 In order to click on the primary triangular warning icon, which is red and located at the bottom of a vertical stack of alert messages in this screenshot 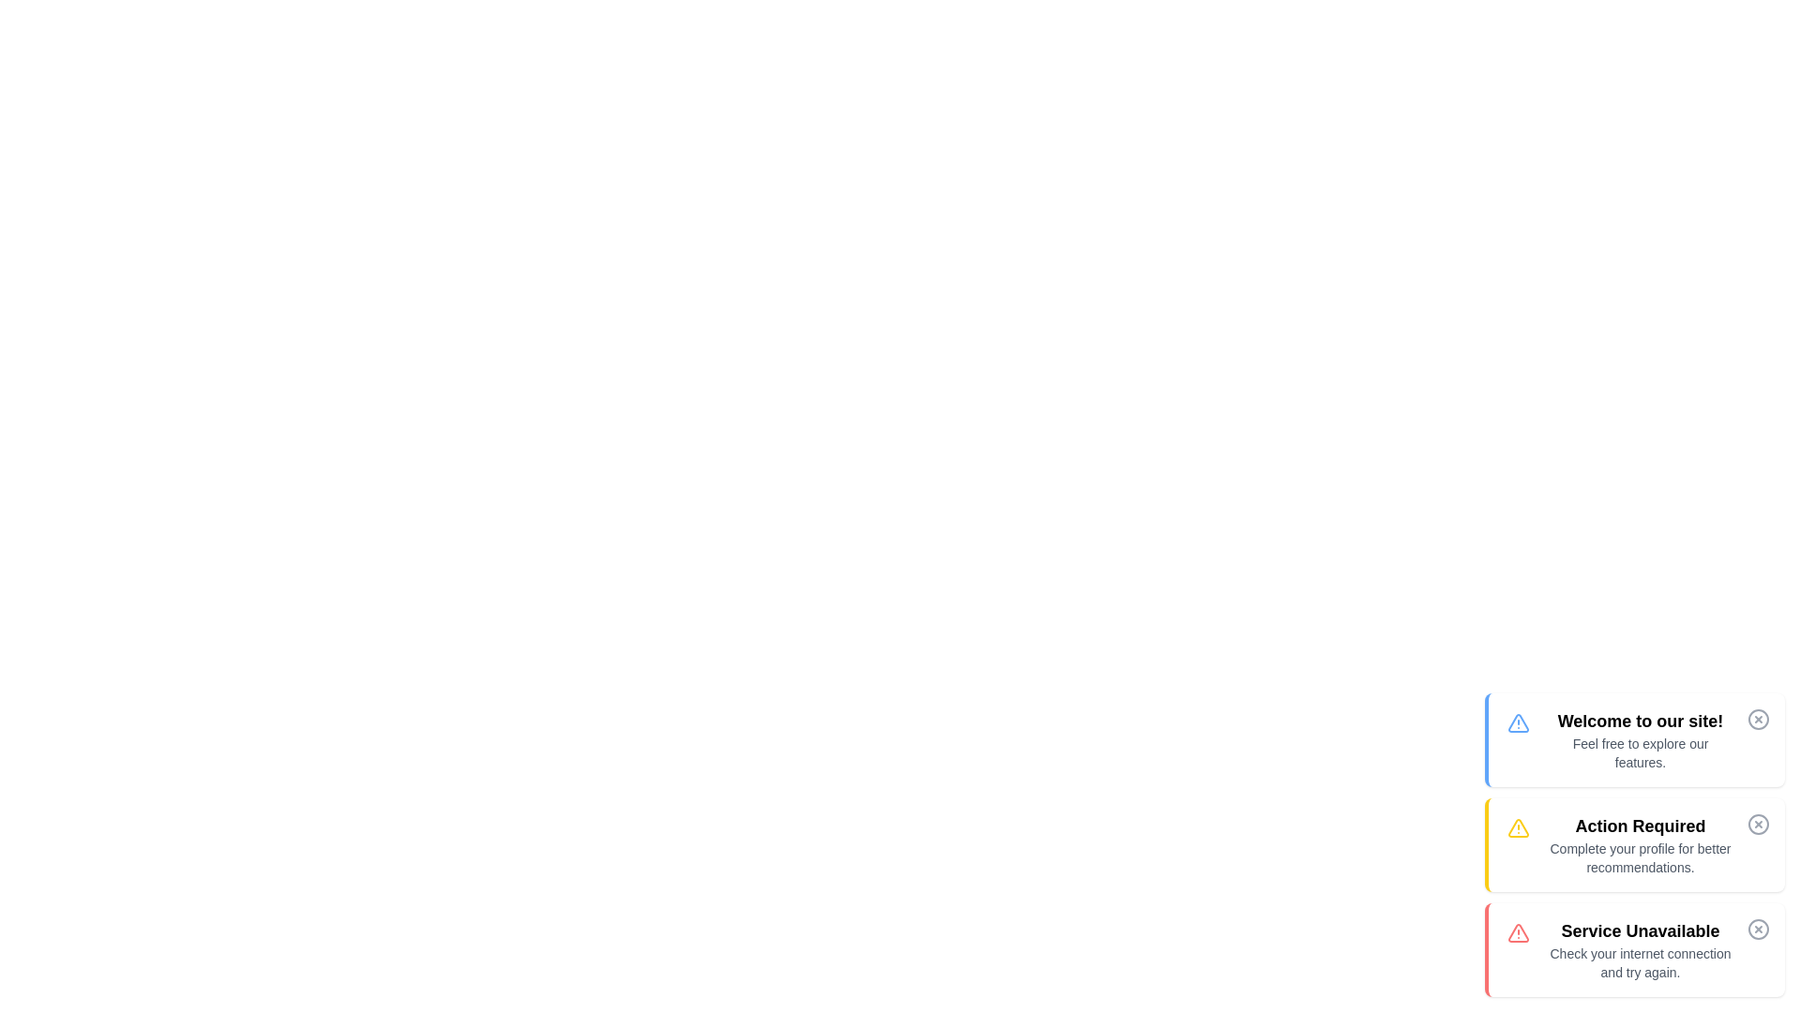, I will do `click(1518, 932)`.